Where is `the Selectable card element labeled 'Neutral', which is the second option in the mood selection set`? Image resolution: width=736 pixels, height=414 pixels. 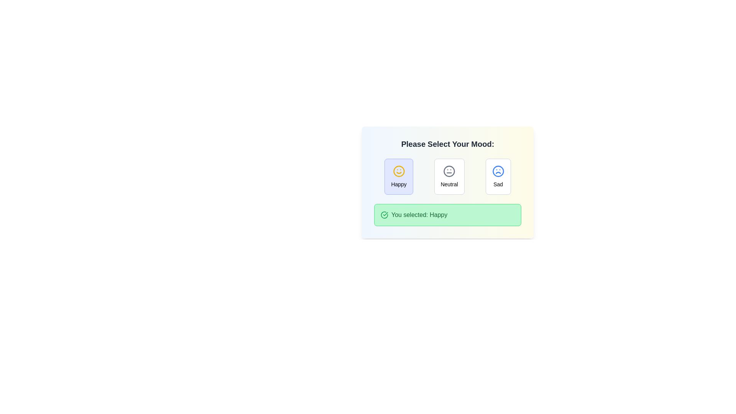
the Selectable card element labeled 'Neutral', which is the second option in the mood selection set is located at coordinates (449, 177).